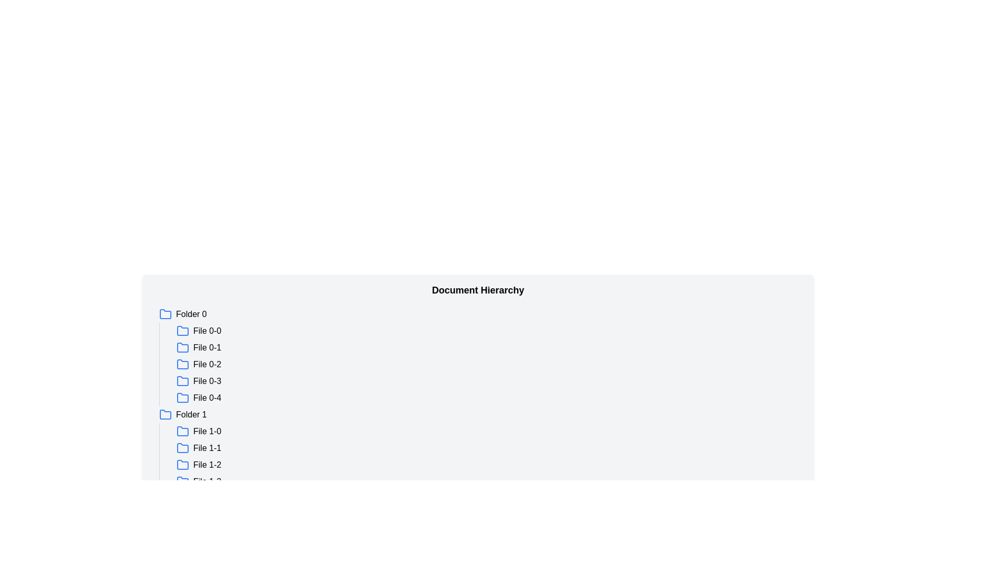 The height and width of the screenshot is (565, 1006). I want to click on the 'File 0-4' icon located under 'Folder 0' in the Document Hierarchy, so click(183, 397).